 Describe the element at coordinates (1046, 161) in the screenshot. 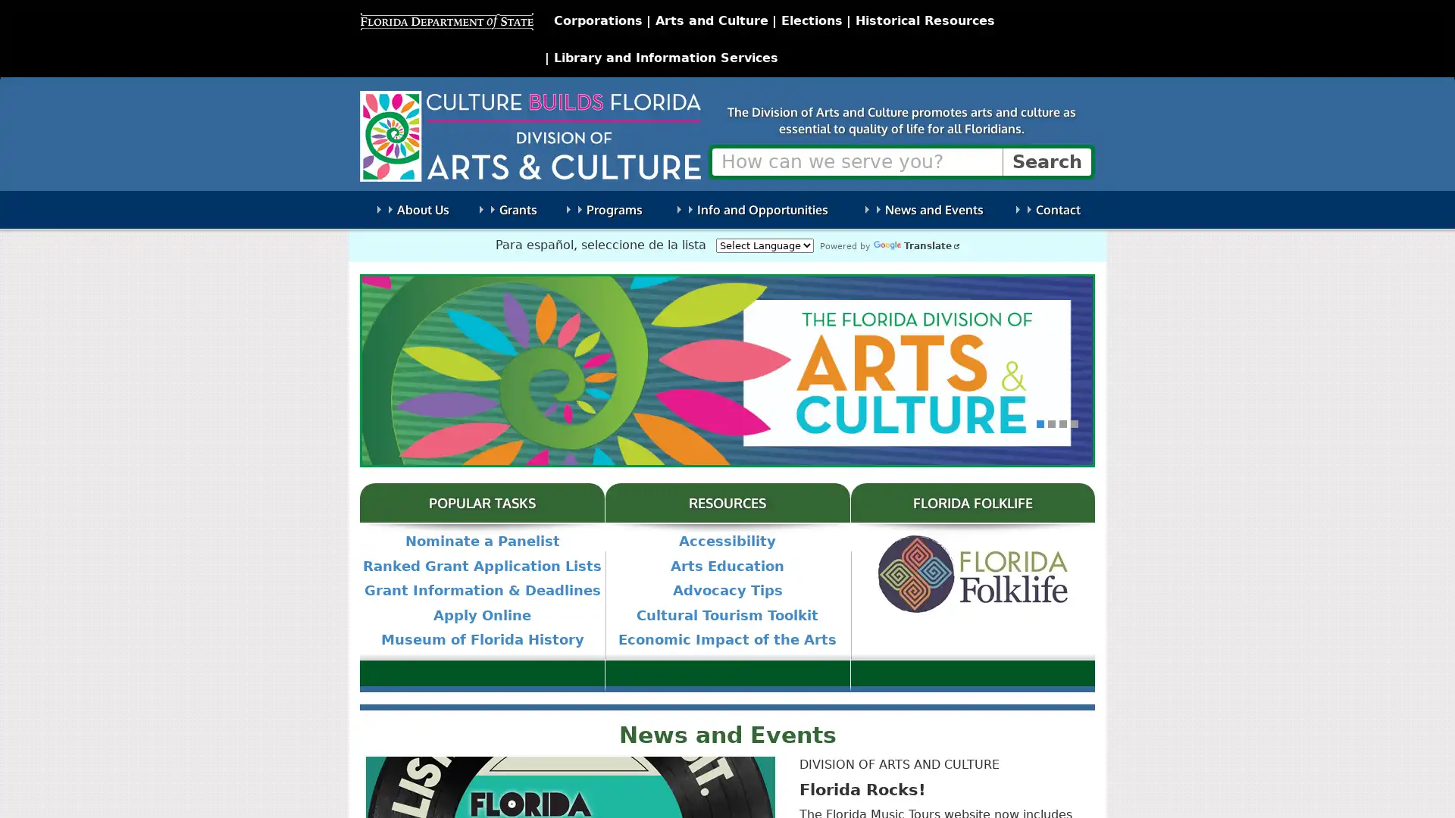

I see `Search` at that location.